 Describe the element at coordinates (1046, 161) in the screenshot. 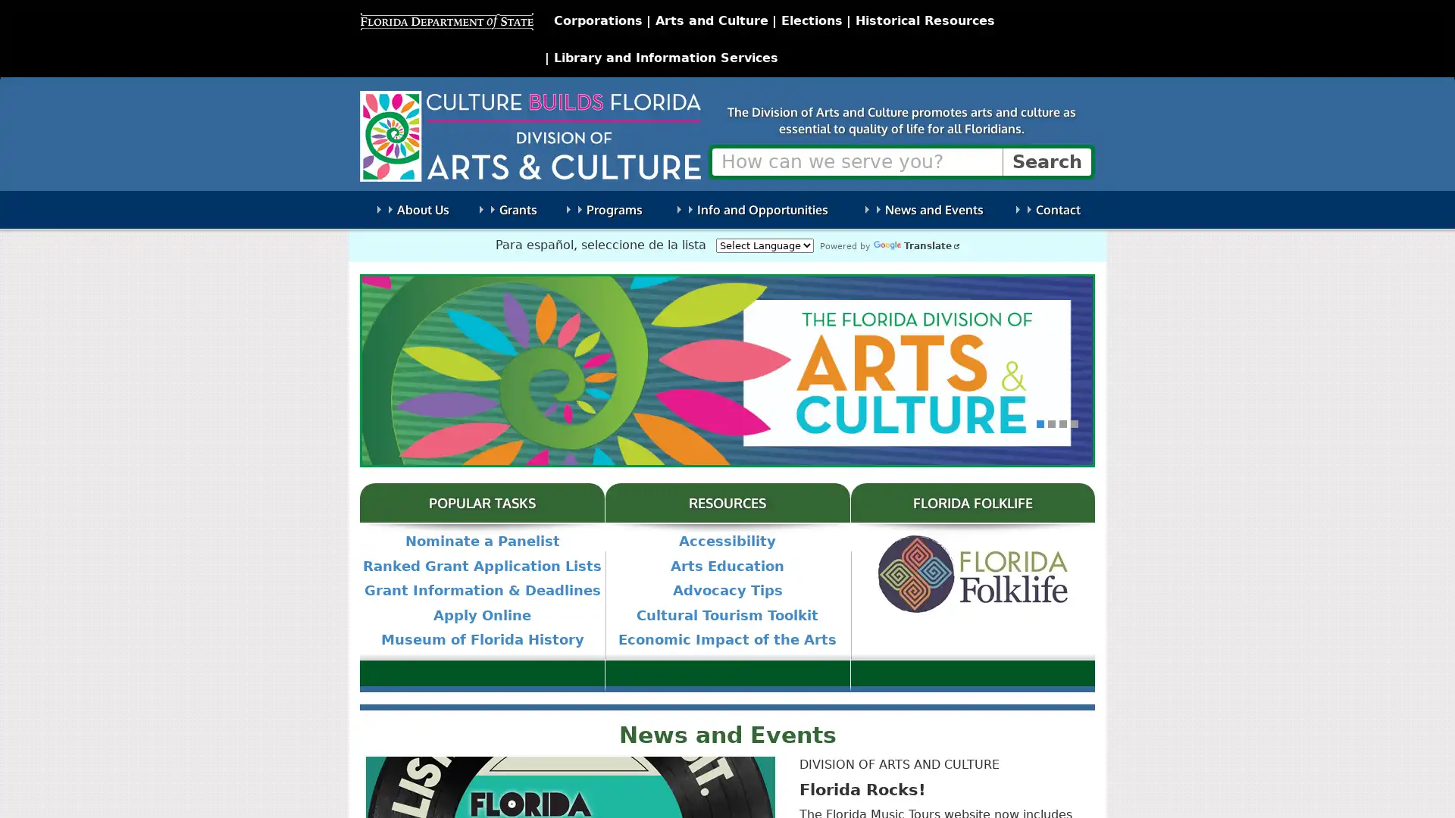

I see `Search` at that location.